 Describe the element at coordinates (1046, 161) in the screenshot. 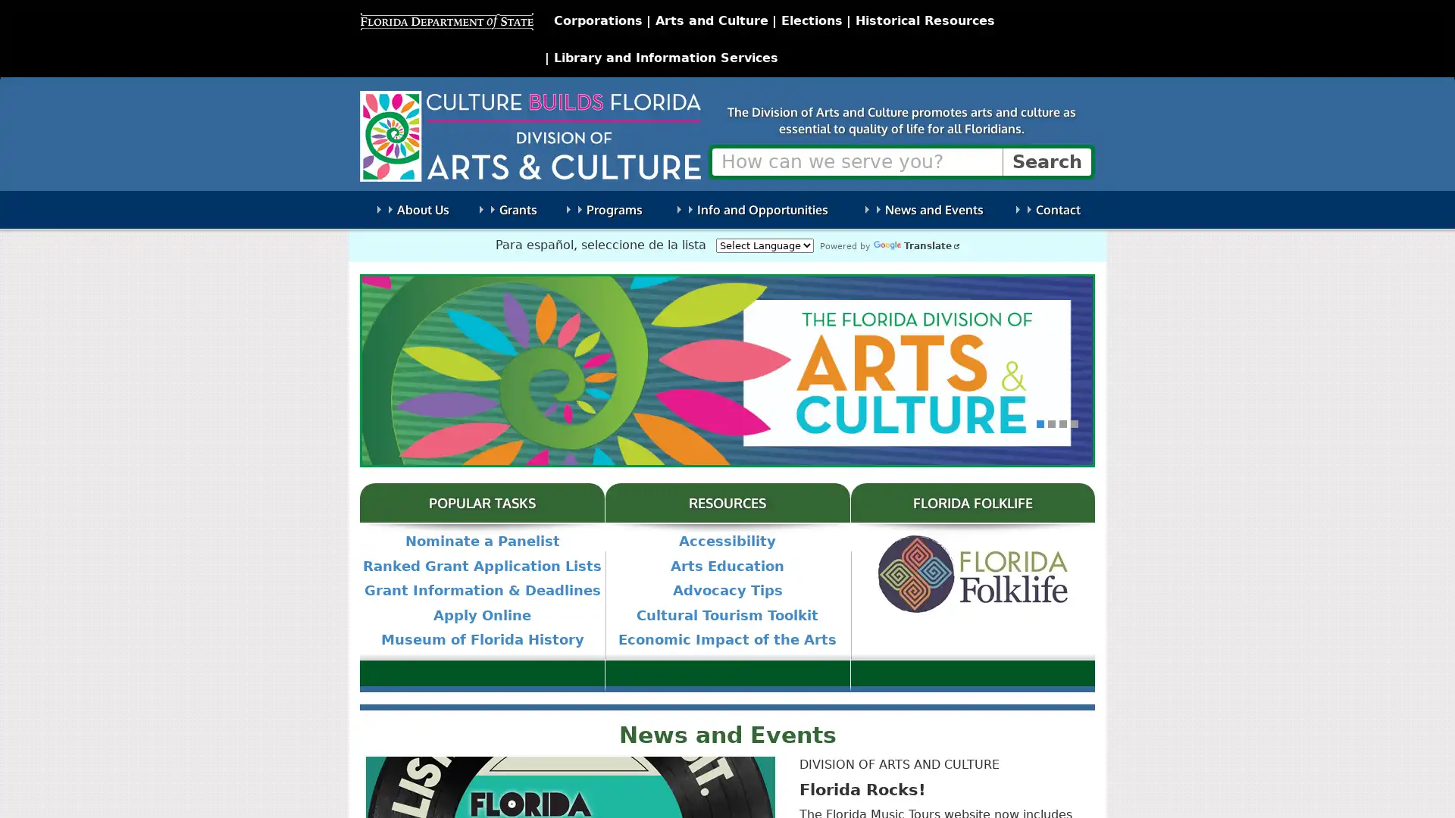

I see `Search` at that location.